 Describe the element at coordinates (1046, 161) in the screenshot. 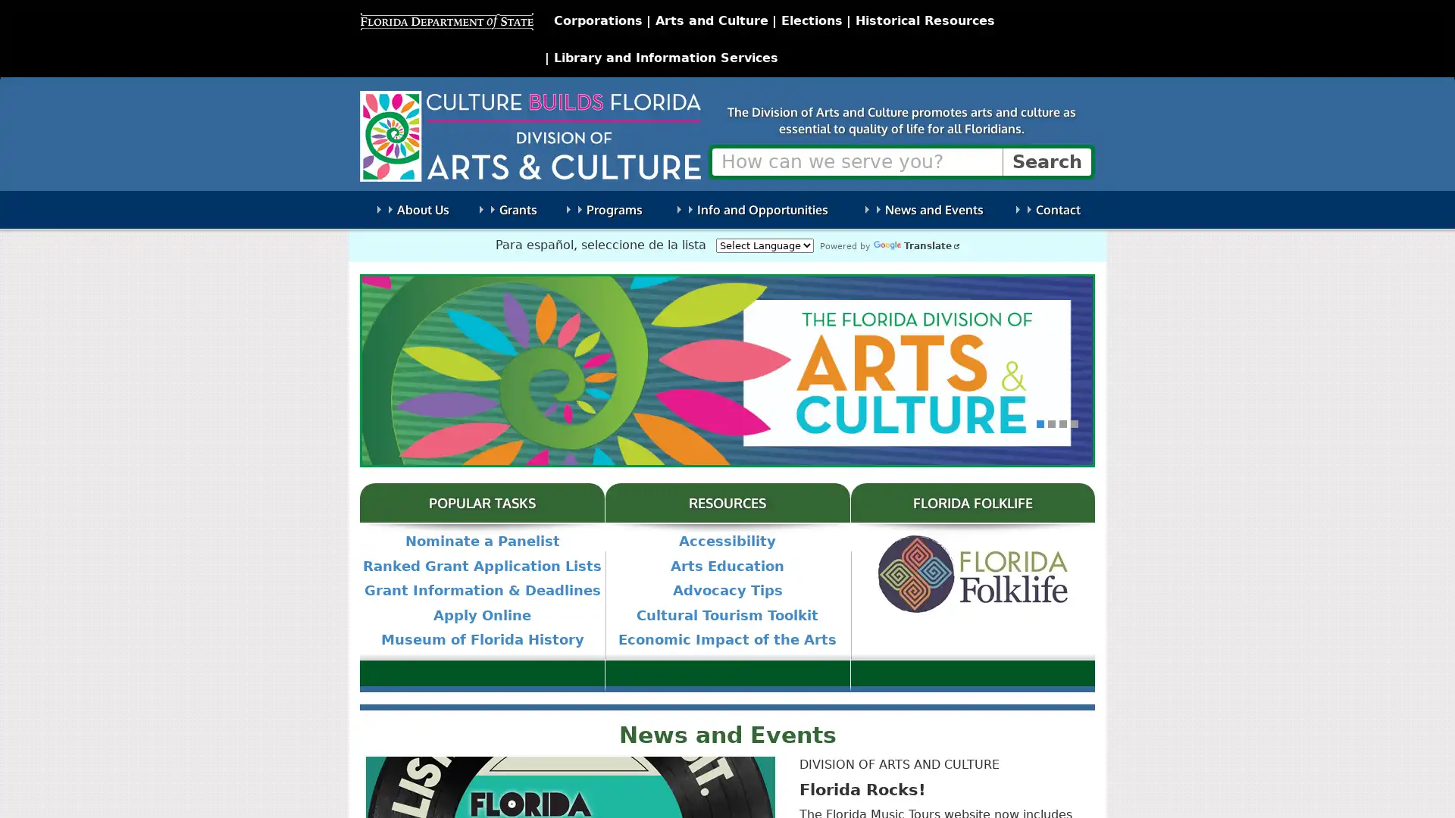

I see `Search` at that location.